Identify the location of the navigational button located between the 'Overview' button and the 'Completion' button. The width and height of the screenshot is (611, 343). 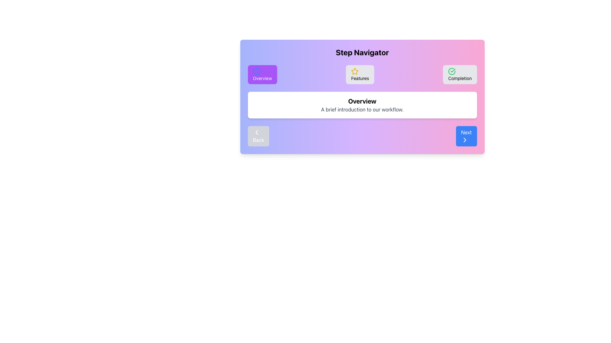
(360, 74).